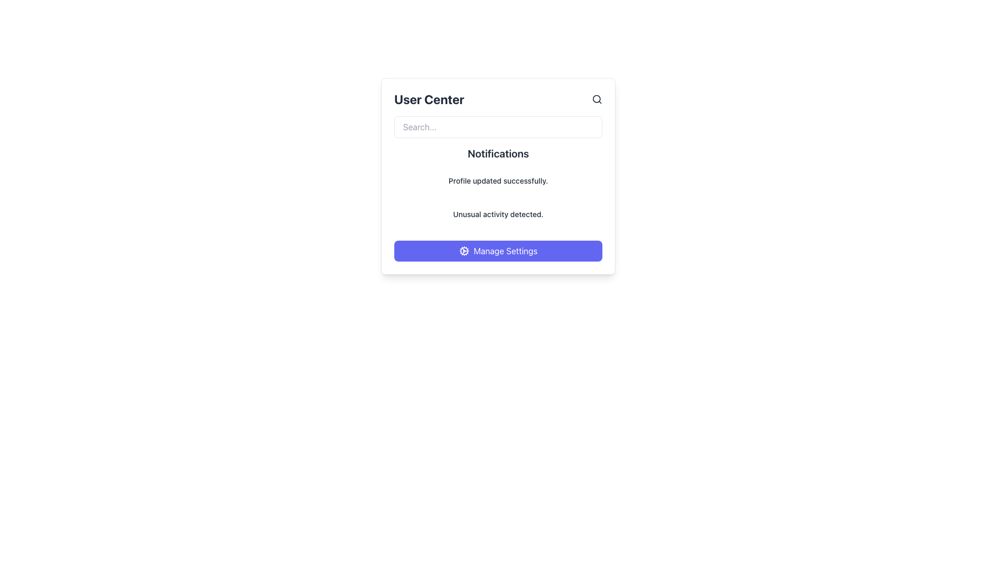  Describe the element at coordinates (498, 251) in the screenshot. I see `the 'Manage Settings' button with a solid indigo background and white text` at that location.